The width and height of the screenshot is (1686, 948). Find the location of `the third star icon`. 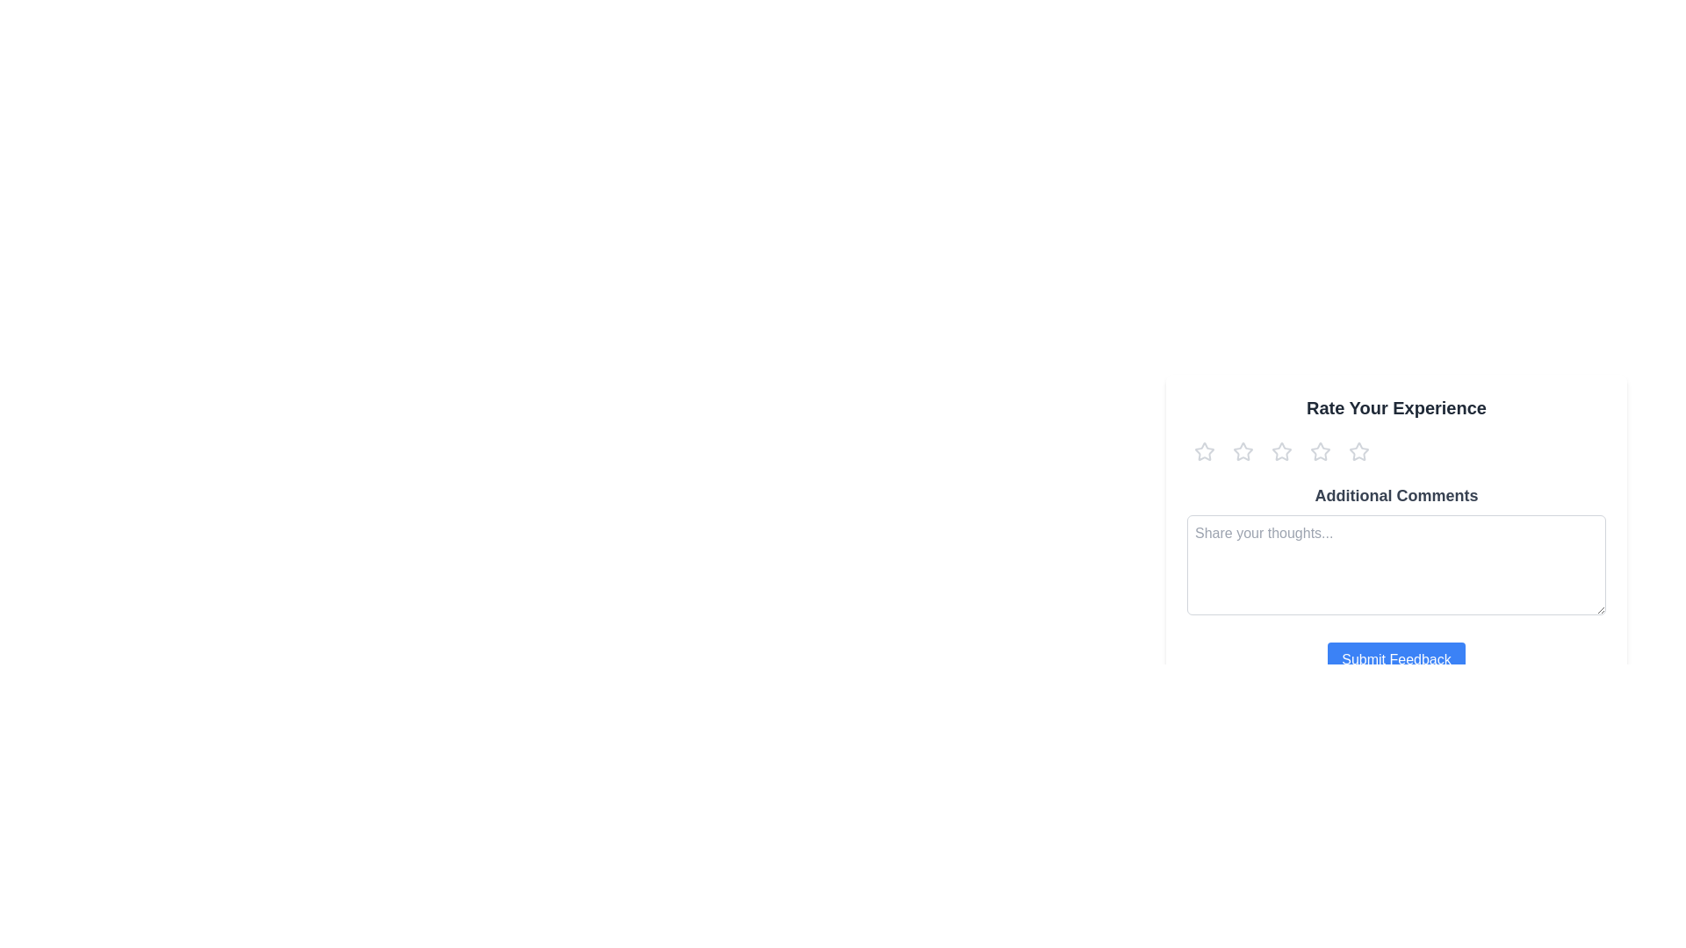

the third star icon is located at coordinates (1320, 450).